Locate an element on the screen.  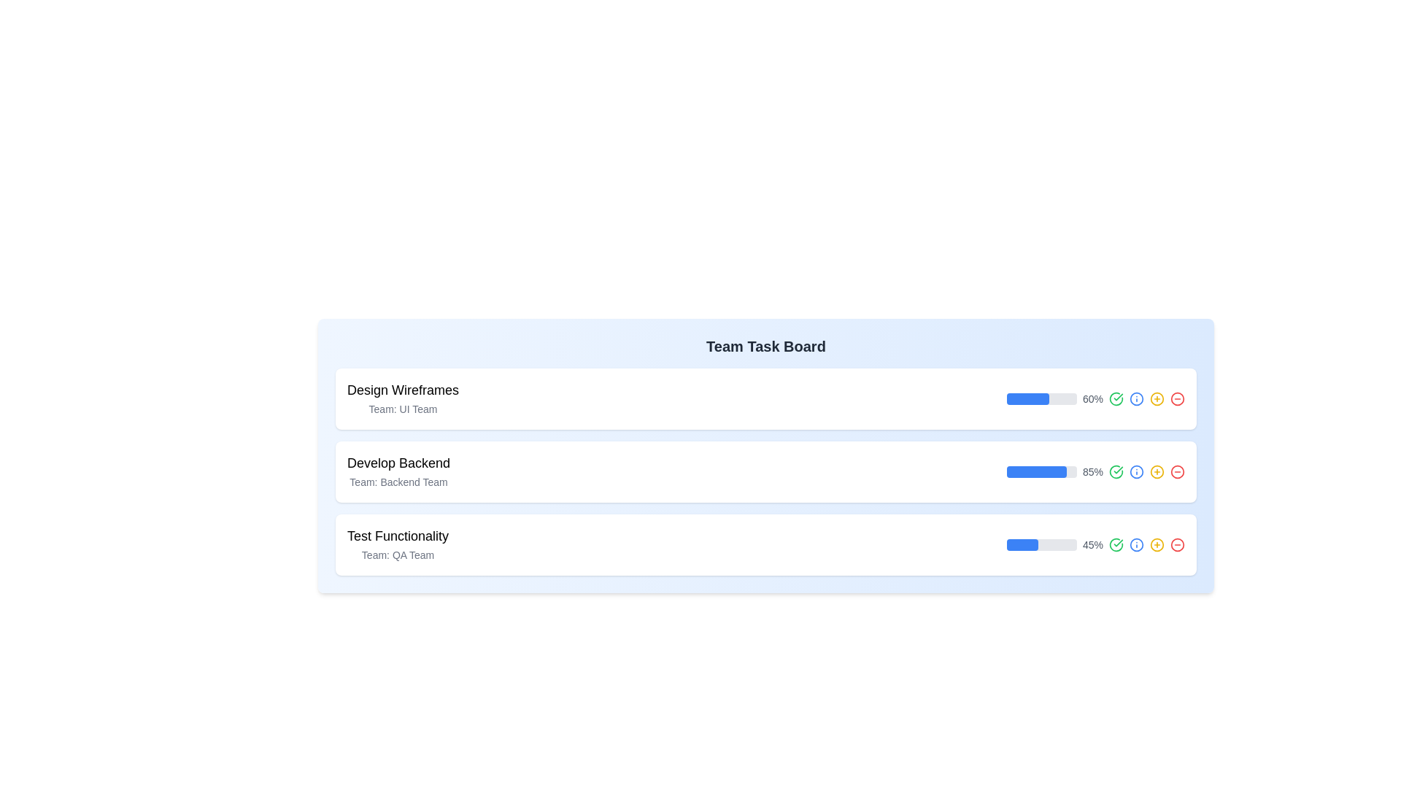
the progress bar located in the third task row of the team task board interface, which indicates a completion percentage of 45% is located at coordinates (1041, 545).